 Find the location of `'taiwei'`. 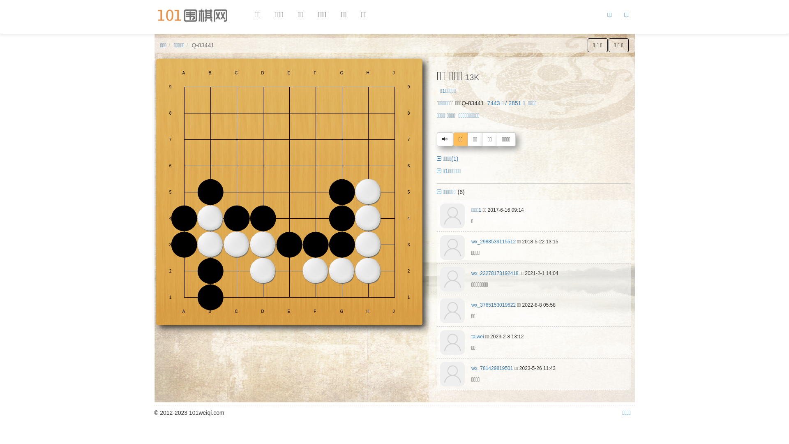

'taiwei' is located at coordinates (478, 336).